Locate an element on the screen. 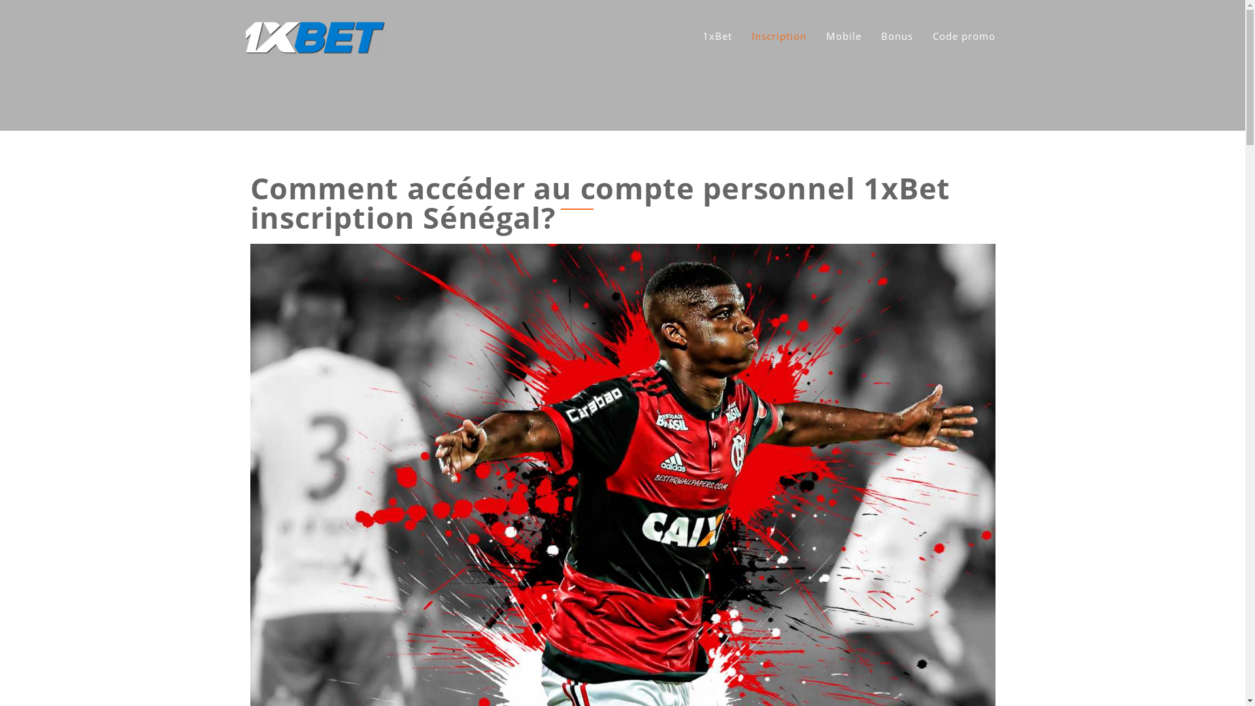 This screenshot has width=1255, height=706. 'Inscription' is located at coordinates (778, 35).